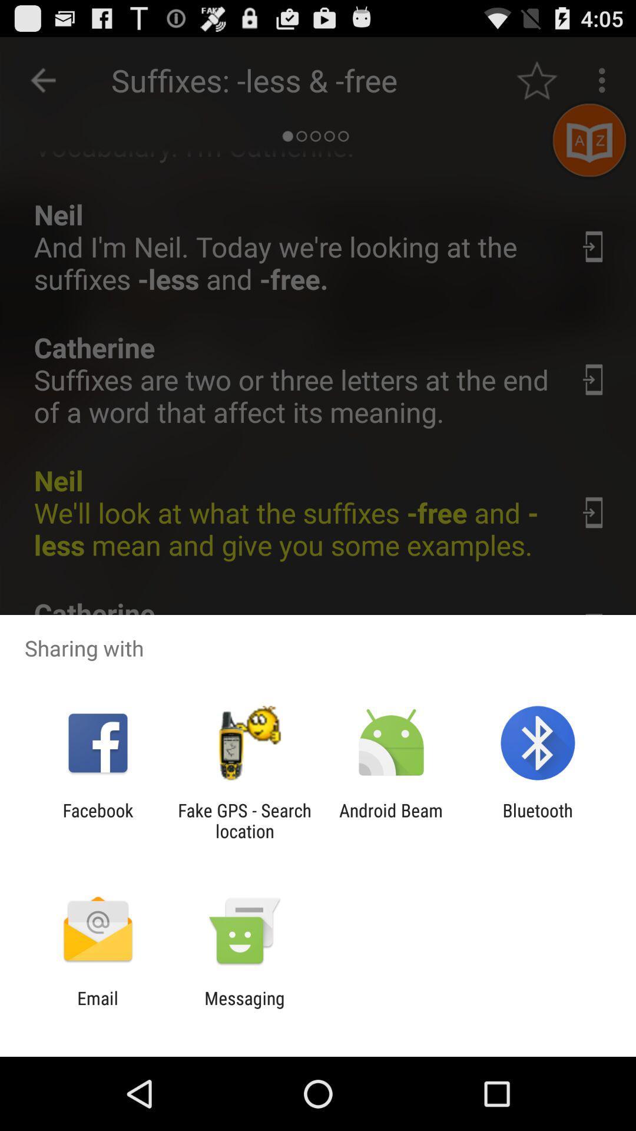  I want to click on the icon to the left of messaging, so click(97, 1008).